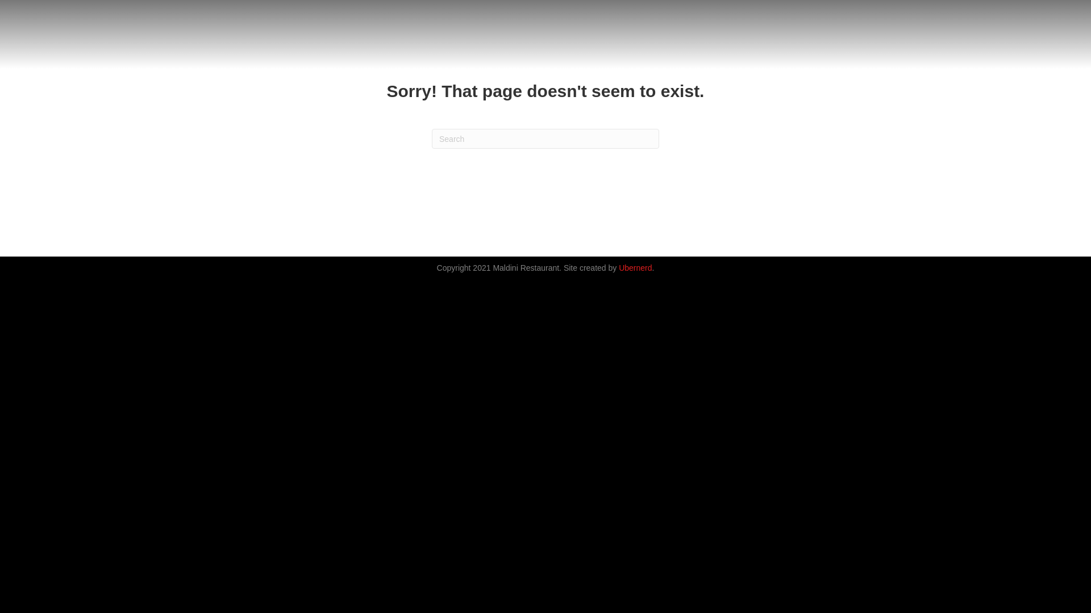  Describe the element at coordinates (653, 267) in the screenshot. I see `'.'` at that location.